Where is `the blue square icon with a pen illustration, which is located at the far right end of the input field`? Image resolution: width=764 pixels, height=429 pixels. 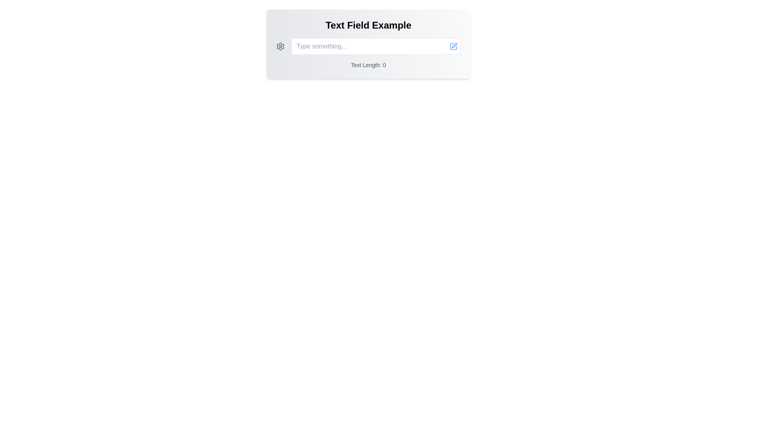 the blue square icon with a pen illustration, which is located at the far right end of the input field is located at coordinates (454, 46).